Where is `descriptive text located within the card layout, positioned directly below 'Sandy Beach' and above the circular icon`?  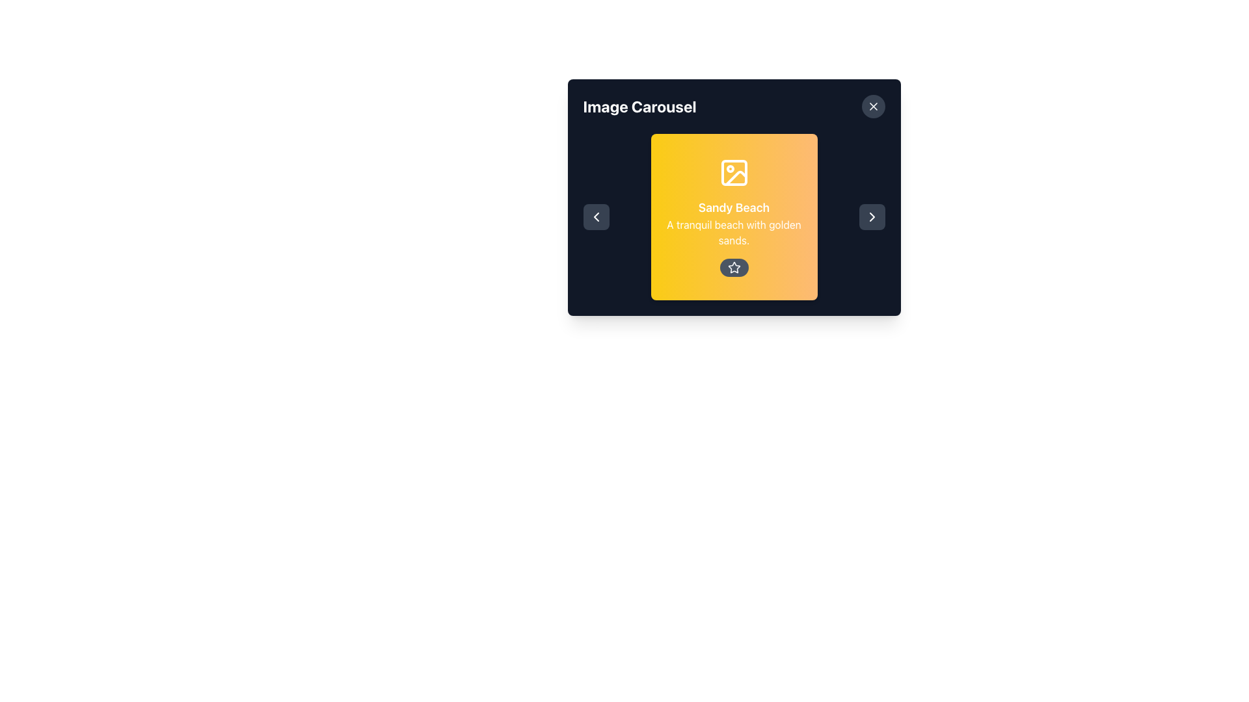 descriptive text located within the card layout, positioned directly below 'Sandy Beach' and above the circular icon is located at coordinates (734, 232).